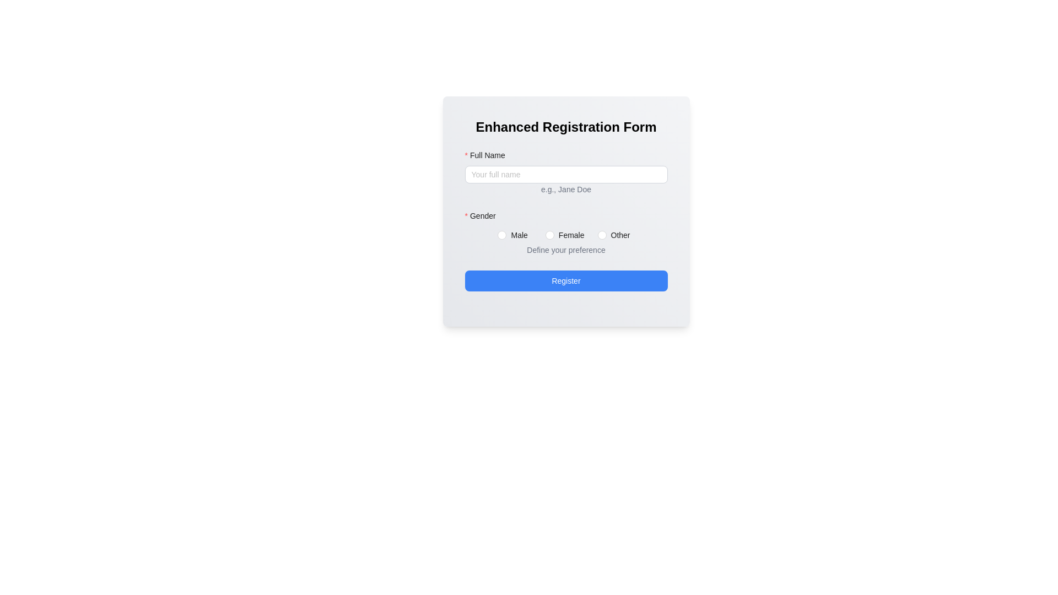  Describe the element at coordinates (567, 235) in the screenshot. I see `the 'Female' radio button and its label in the Enhanced Registration Form` at that location.